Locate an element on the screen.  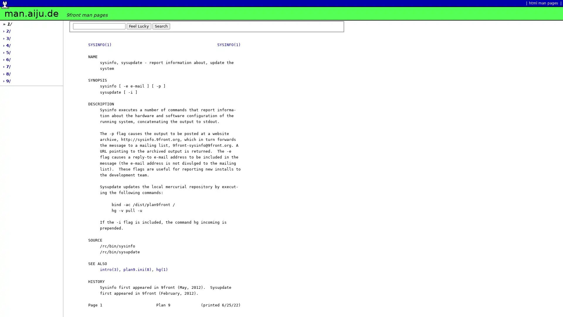
Feel Lucky is located at coordinates (139, 26).